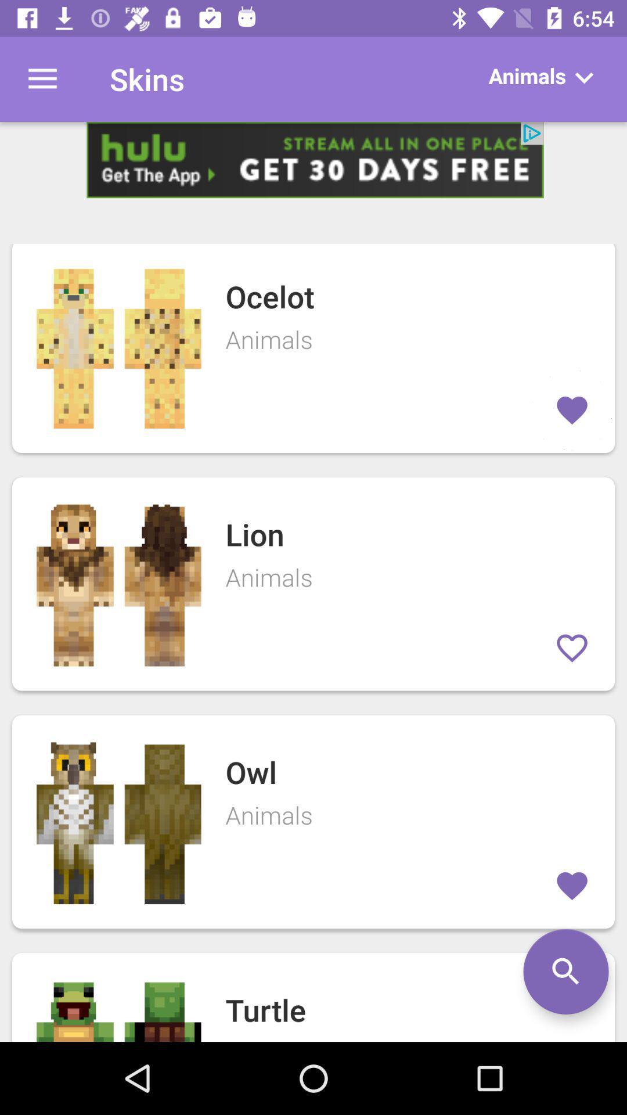  What do you see at coordinates (571, 410) in the screenshot?
I see `the like icon in the first image` at bounding box center [571, 410].